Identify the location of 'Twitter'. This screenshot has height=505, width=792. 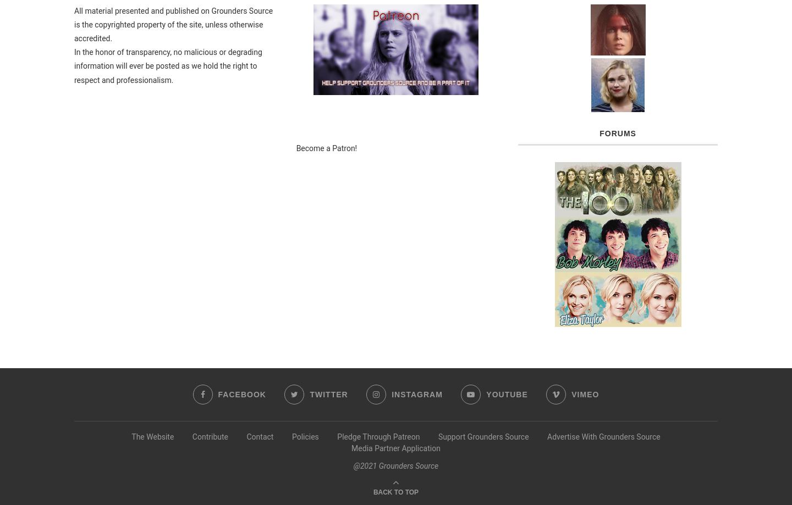
(328, 393).